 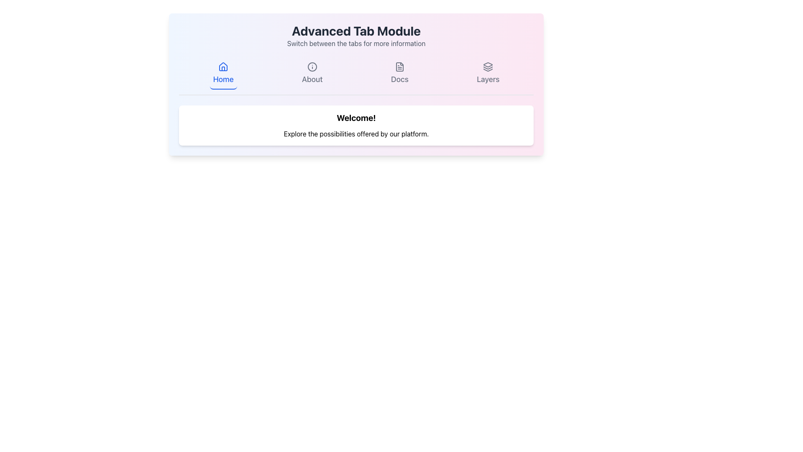 What do you see at coordinates (488, 66) in the screenshot?
I see `the 'Layers' icon button located at the top right area of the user menu interface` at bounding box center [488, 66].